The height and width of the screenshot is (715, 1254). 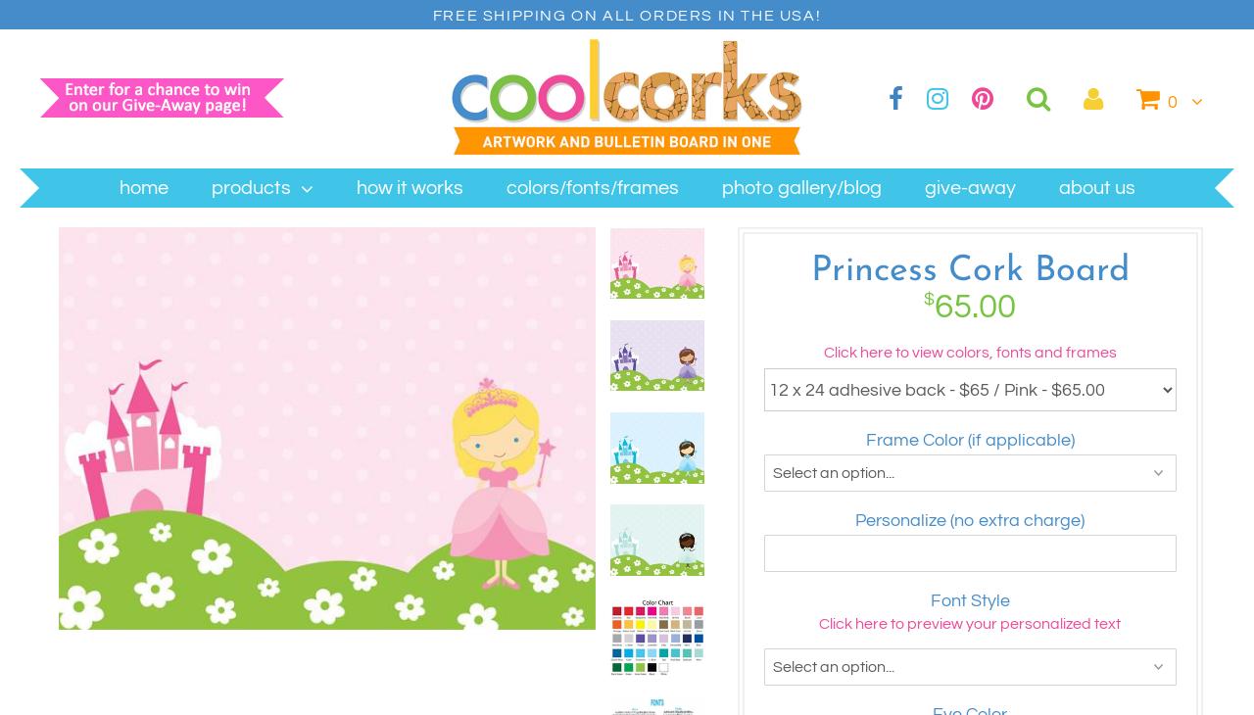 I want to click on '65.00', so click(x=975, y=307).